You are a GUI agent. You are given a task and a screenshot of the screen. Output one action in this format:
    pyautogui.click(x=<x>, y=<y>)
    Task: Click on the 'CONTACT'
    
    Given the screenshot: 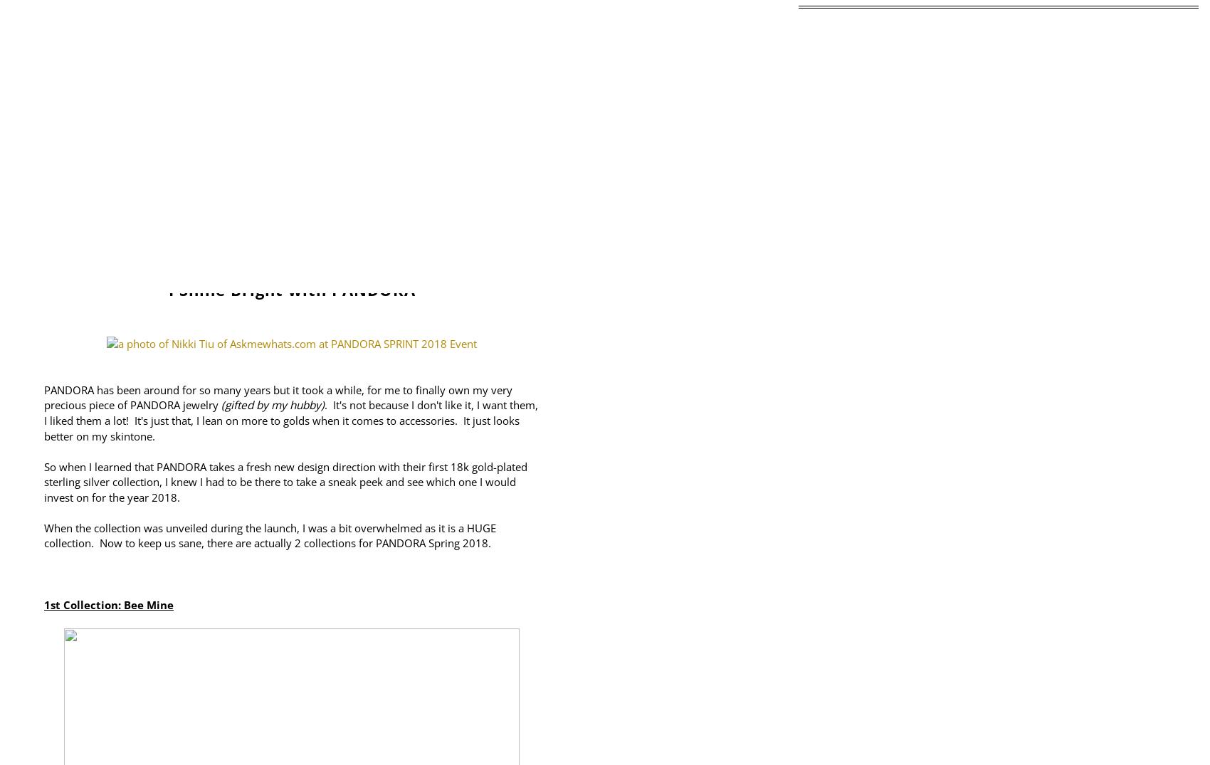 What is the action you would take?
    pyautogui.click(x=586, y=213)
    